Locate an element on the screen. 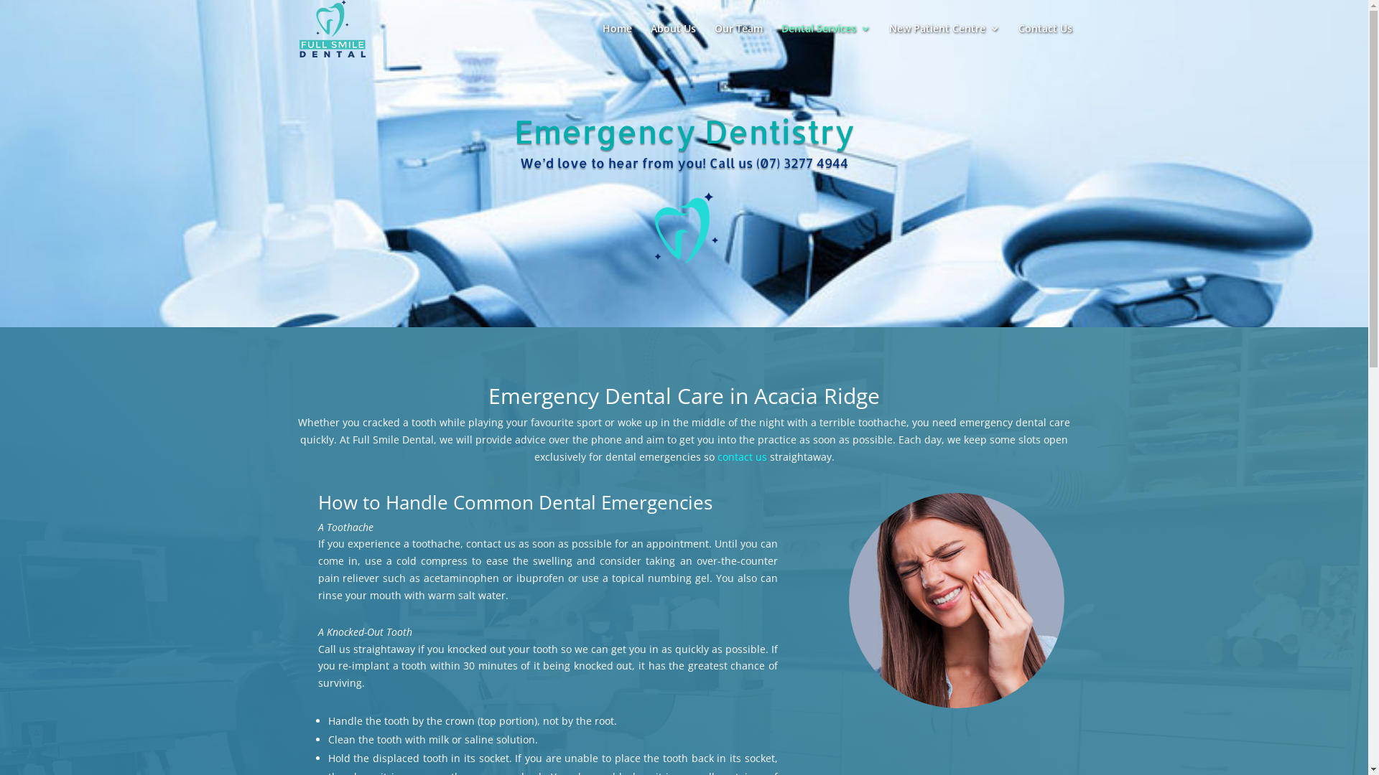  'Dental Services' is located at coordinates (826, 39).